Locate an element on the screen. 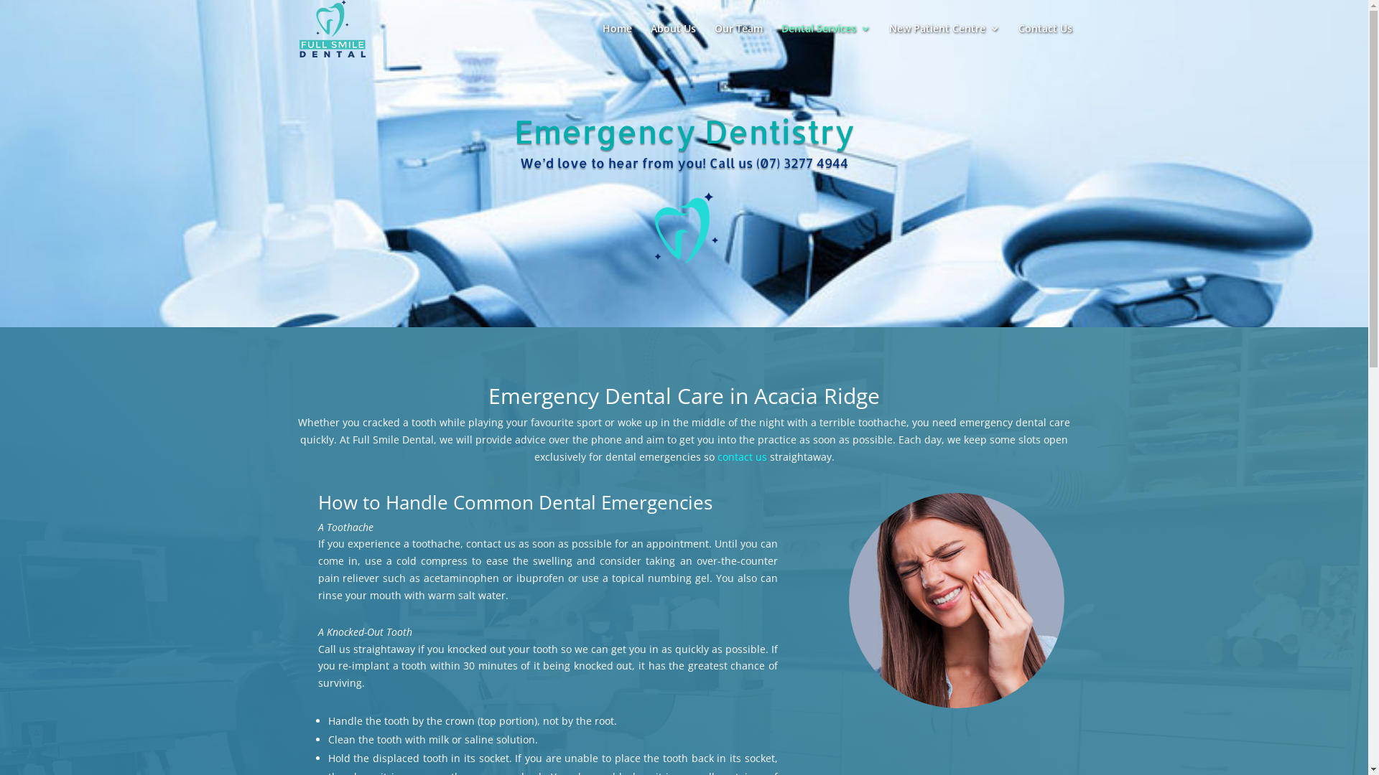  'Dental Services' is located at coordinates (826, 39).